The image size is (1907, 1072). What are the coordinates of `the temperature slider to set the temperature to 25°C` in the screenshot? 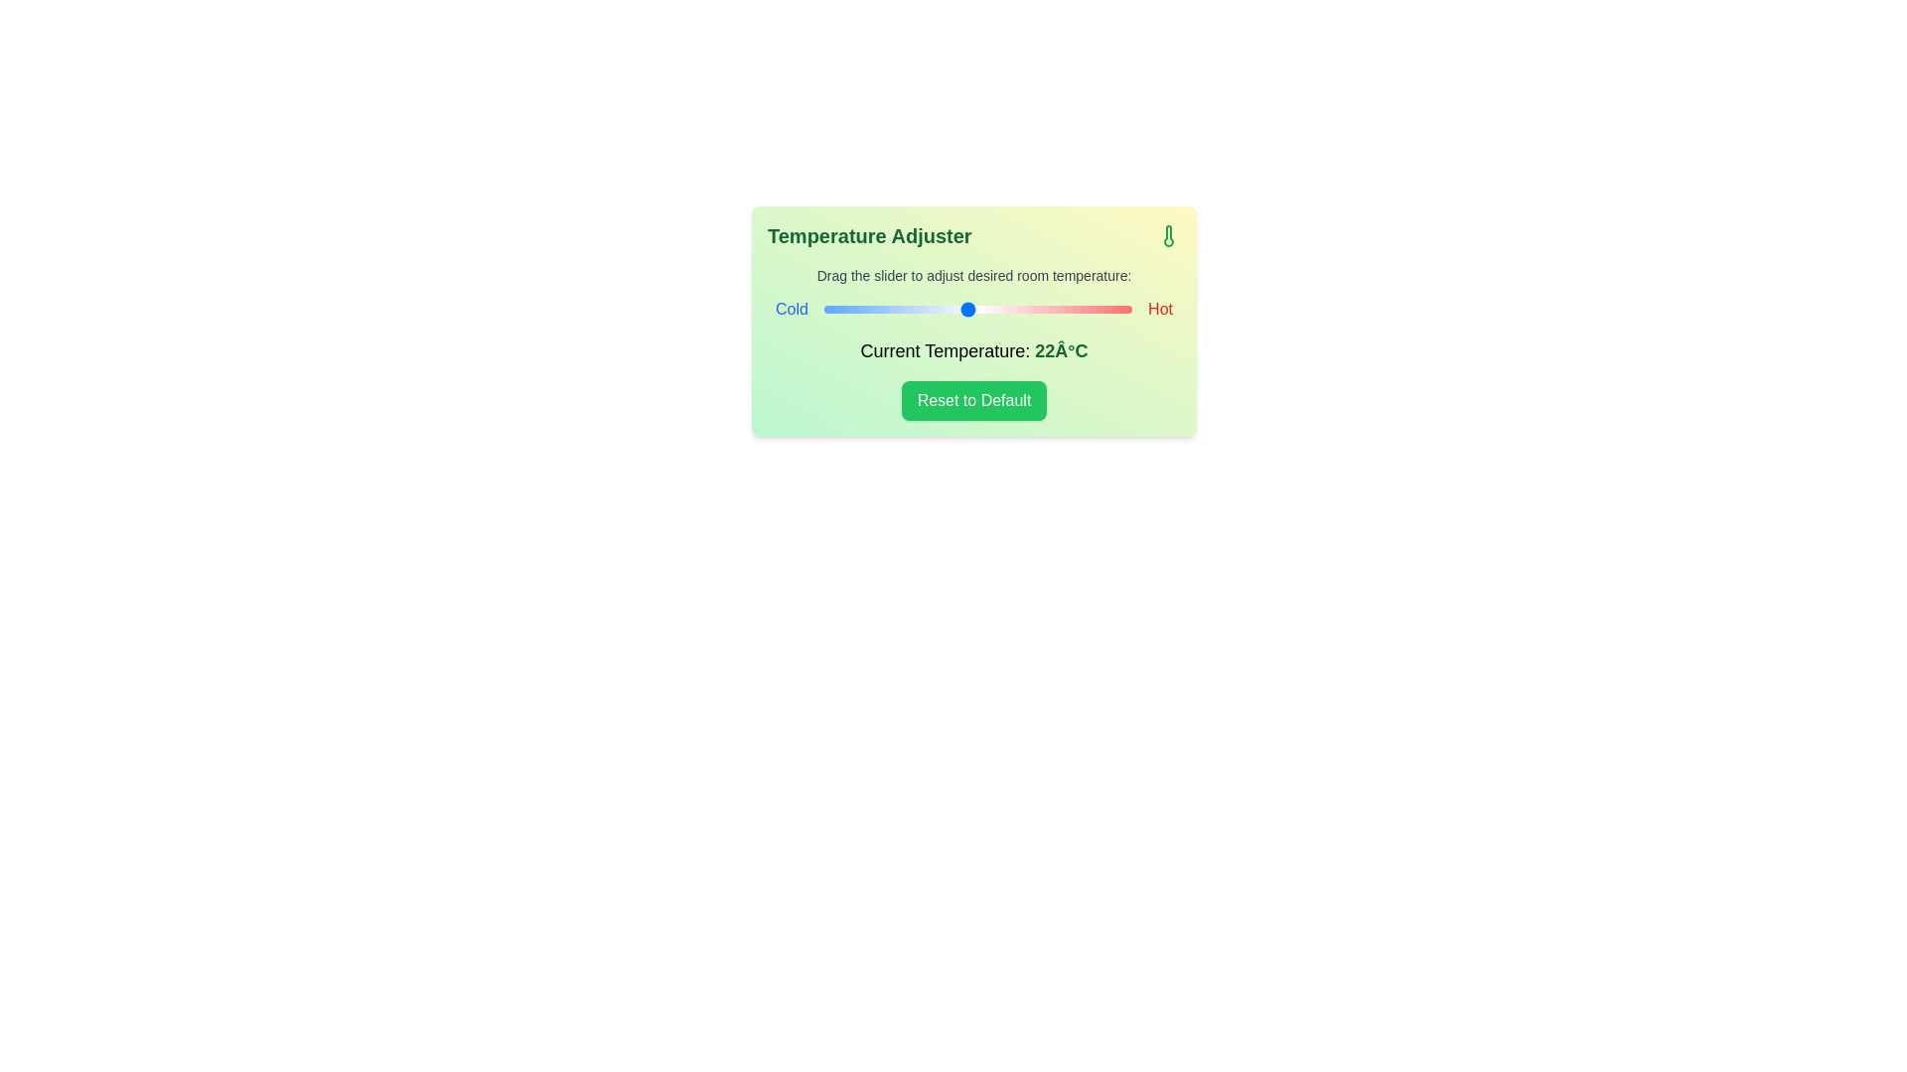 It's located at (1029, 310).